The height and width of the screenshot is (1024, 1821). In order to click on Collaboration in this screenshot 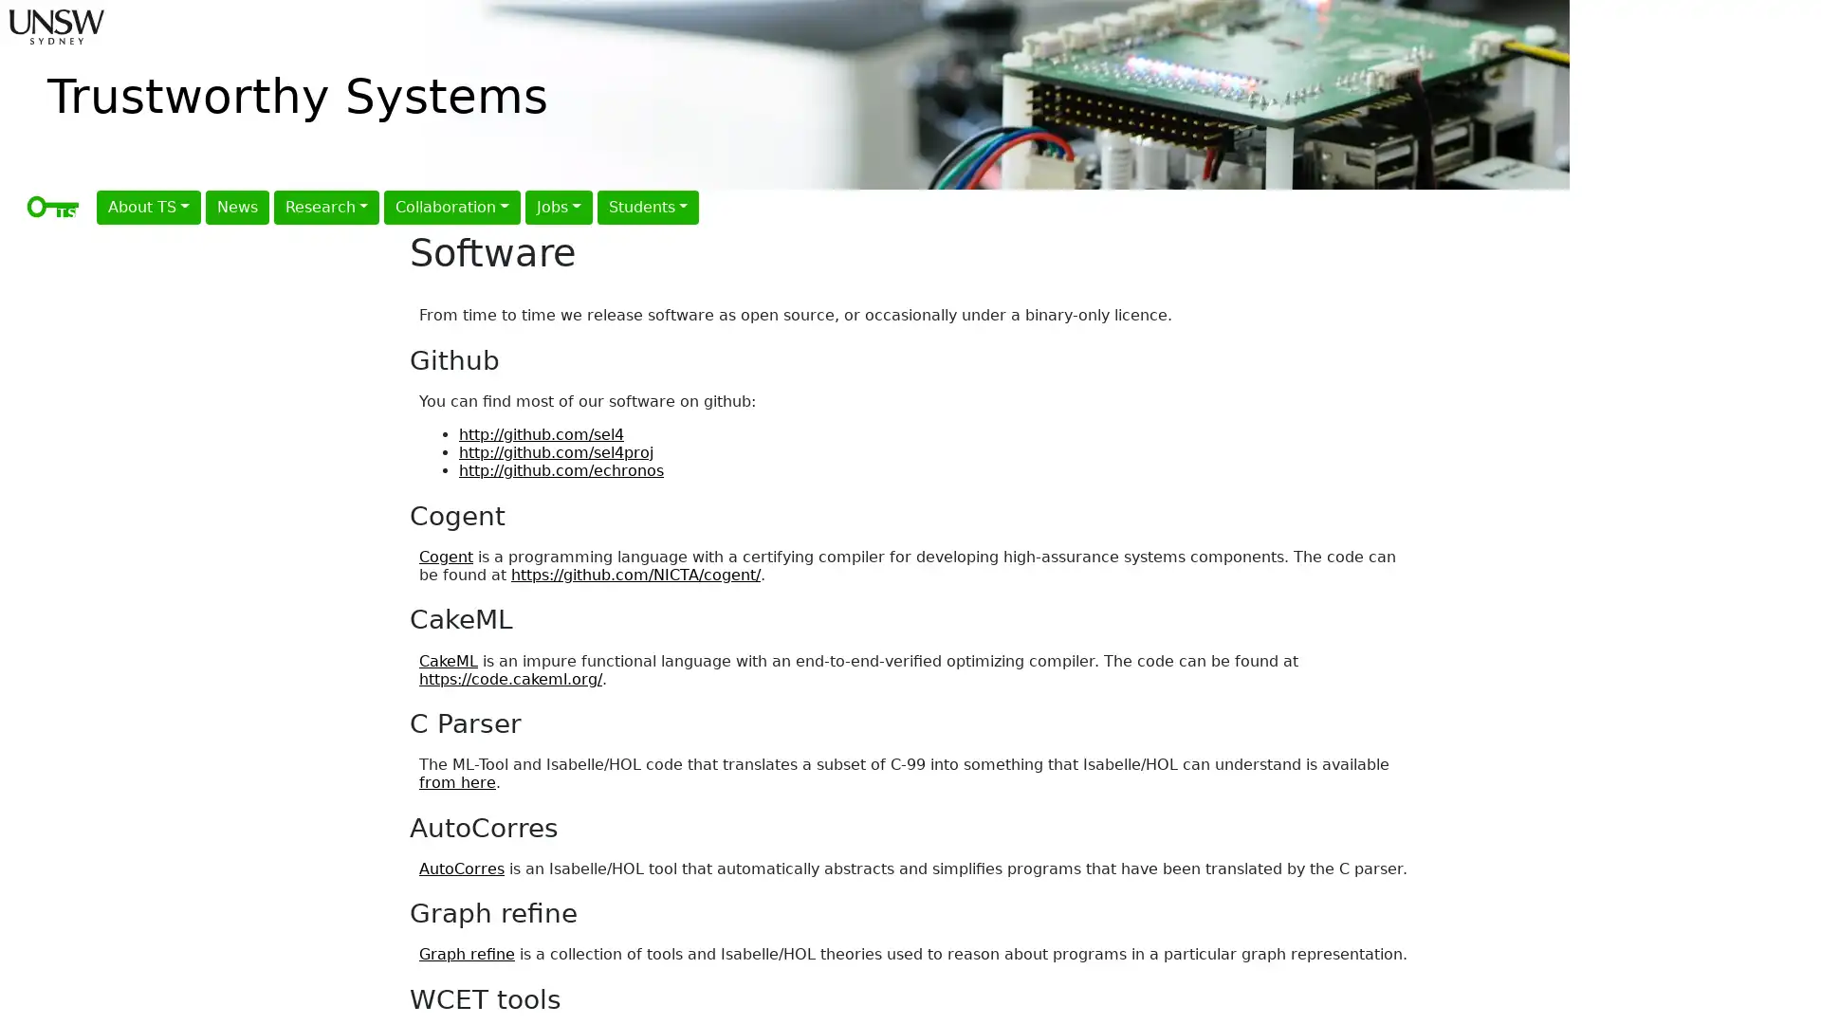, I will do `click(451, 207)`.